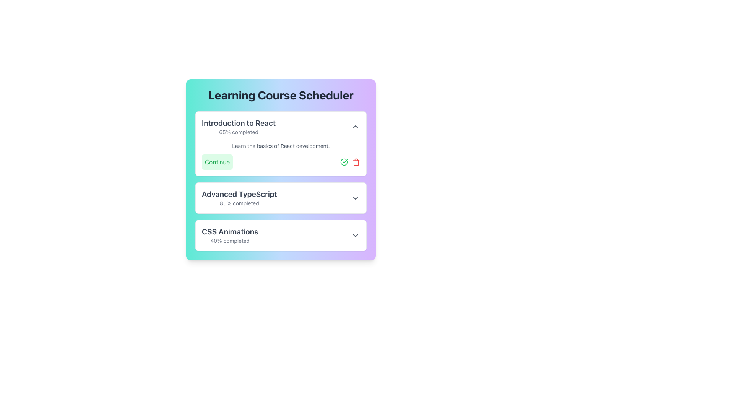  What do you see at coordinates (280, 169) in the screenshot?
I see `the action buttons within the 'Learning Course Scheduler' card to navigate to the course detail view` at bounding box center [280, 169].